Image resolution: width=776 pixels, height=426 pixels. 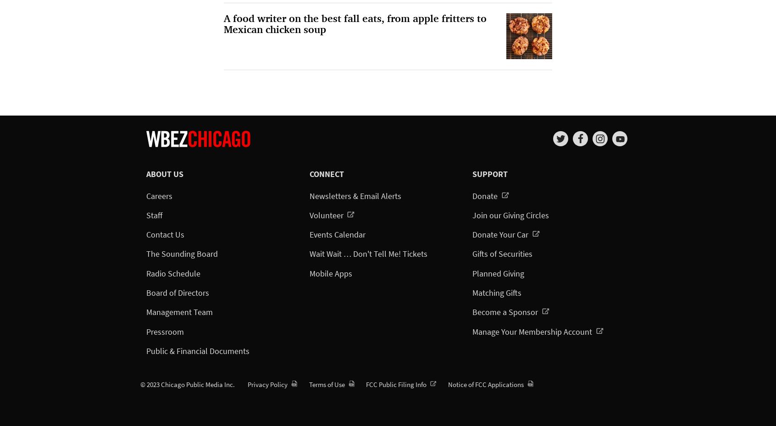 I want to click on 'Notice of FCC Applications', so click(x=486, y=384).